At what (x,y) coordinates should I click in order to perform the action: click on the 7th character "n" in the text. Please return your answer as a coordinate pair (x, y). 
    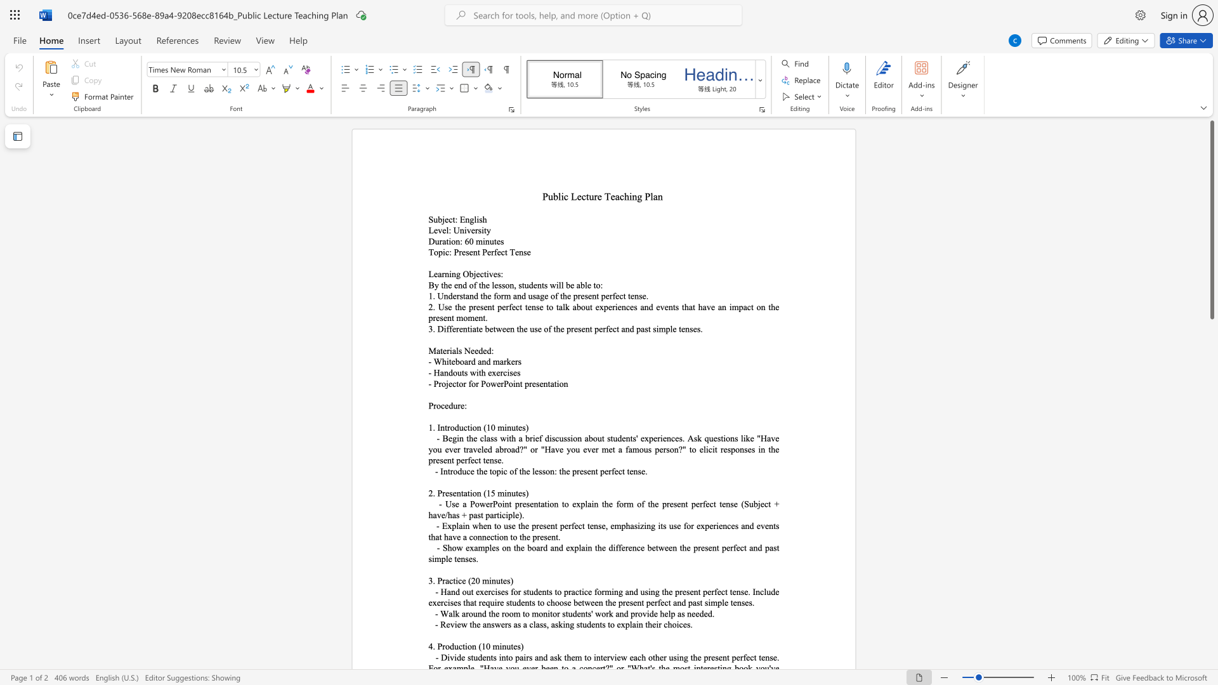
    Looking at the image, I should click on (755, 547).